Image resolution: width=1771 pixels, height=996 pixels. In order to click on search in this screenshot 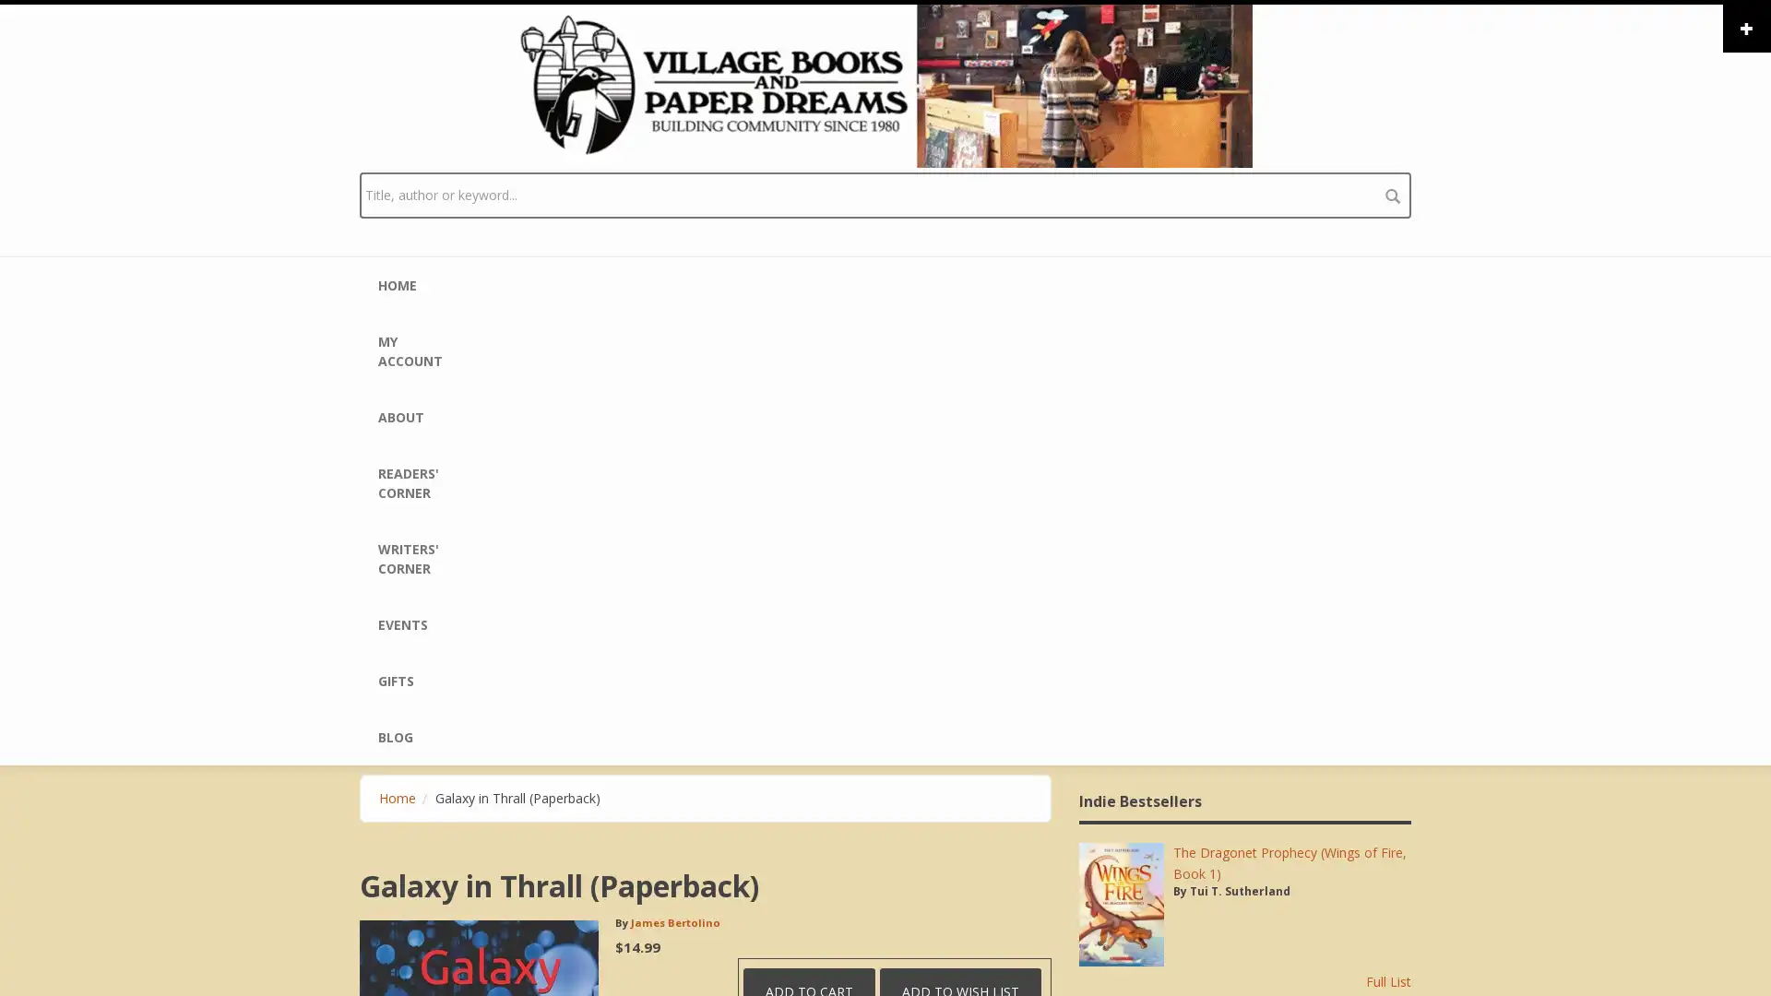, I will do `click(1393, 196)`.